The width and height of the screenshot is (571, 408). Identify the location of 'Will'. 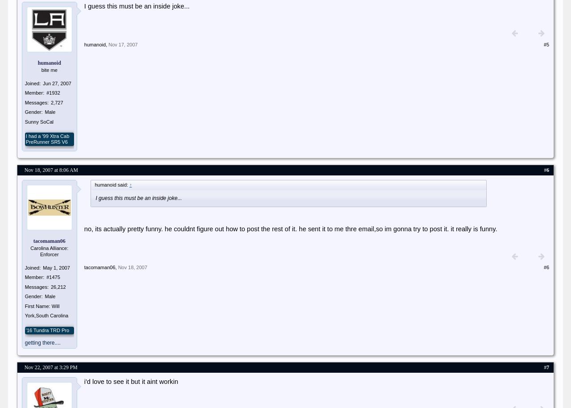
(55, 306).